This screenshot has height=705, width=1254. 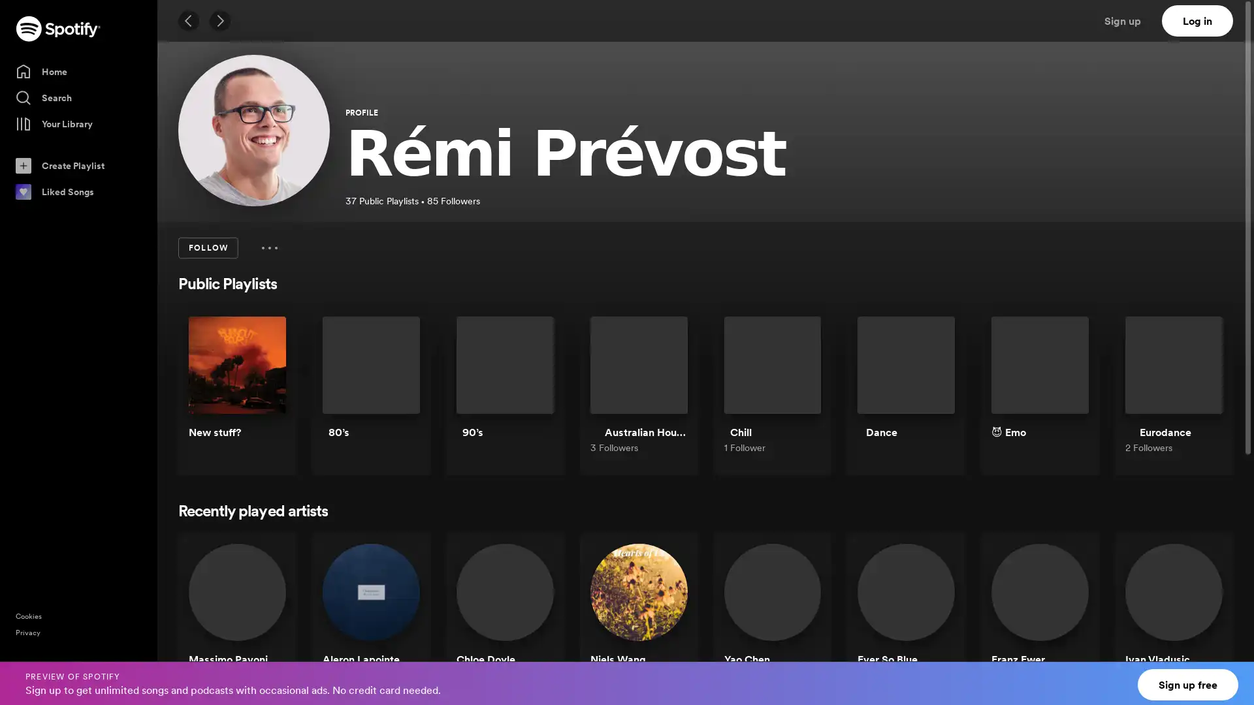 I want to click on Play  Eurodance, so click(x=1201, y=397).